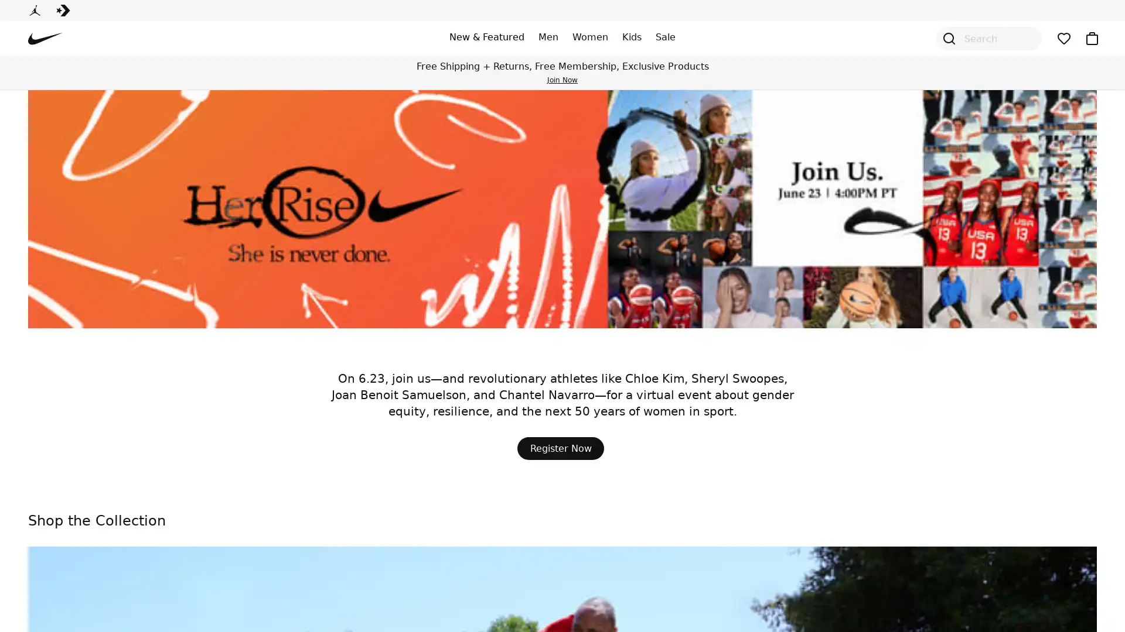 This screenshot has height=632, width=1125. Describe the element at coordinates (1083, 11) in the screenshot. I see `Sign In` at that location.